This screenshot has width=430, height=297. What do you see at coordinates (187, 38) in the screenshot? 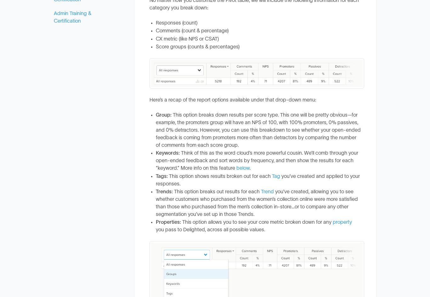
I see `'CX metric (like NPS or CSAT)'` at bounding box center [187, 38].